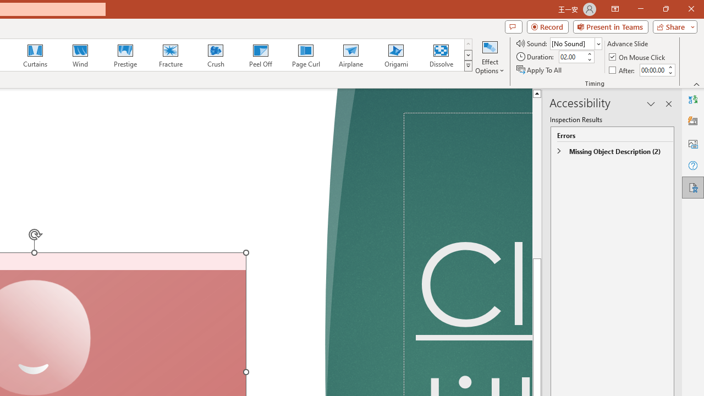 Image resolution: width=704 pixels, height=396 pixels. I want to click on 'Crush', so click(215, 55).